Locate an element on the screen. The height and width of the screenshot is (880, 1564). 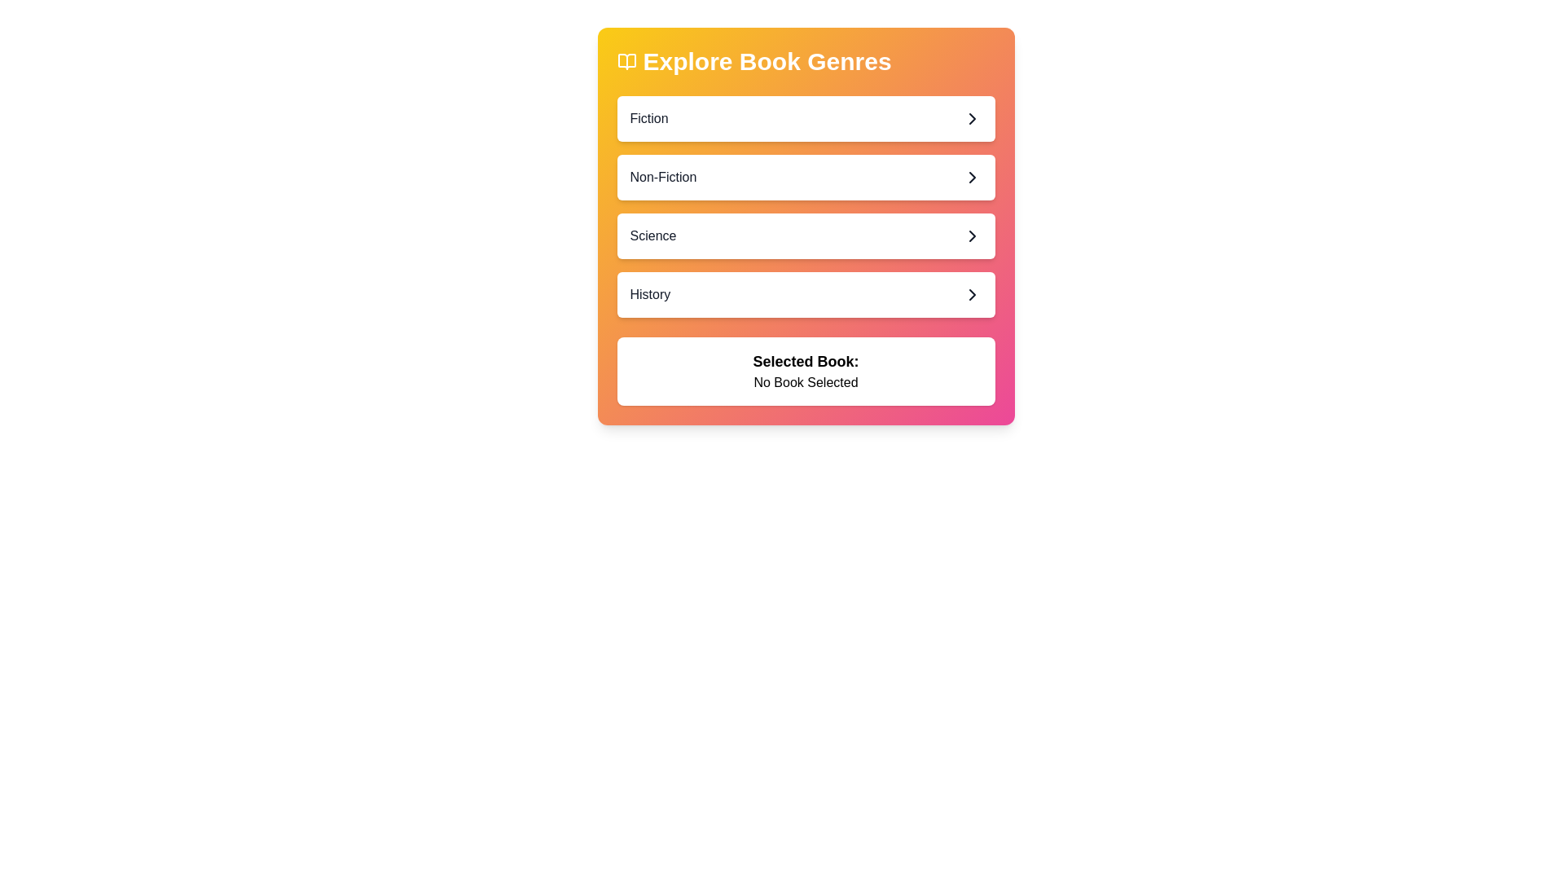
the second button-like list item in the 'Explore Book Genres' section is located at coordinates (806, 178).